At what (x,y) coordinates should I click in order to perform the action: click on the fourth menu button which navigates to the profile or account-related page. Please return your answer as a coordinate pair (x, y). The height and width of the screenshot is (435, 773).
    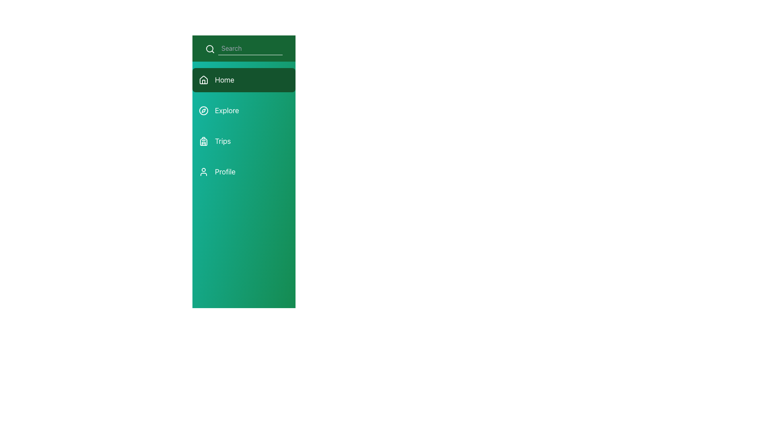
    Looking at the image, I should click on (243, 172).